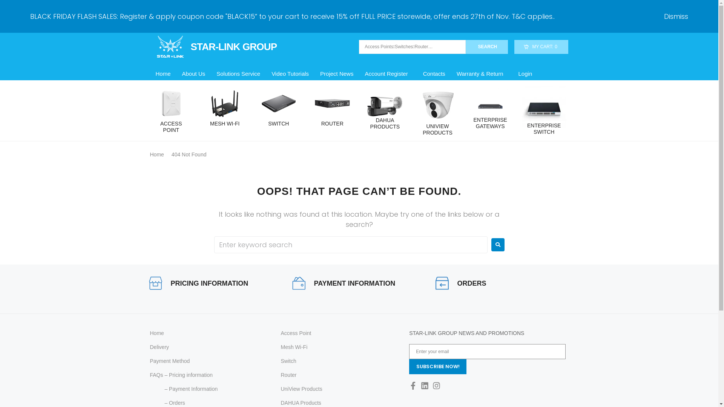 Image resolution: width=724 pixels, height=407 pixels. Describe the element at coordinates (437, 129) in the screenshot. I see `'UNIVIEW PRODUCTS'` at that location.